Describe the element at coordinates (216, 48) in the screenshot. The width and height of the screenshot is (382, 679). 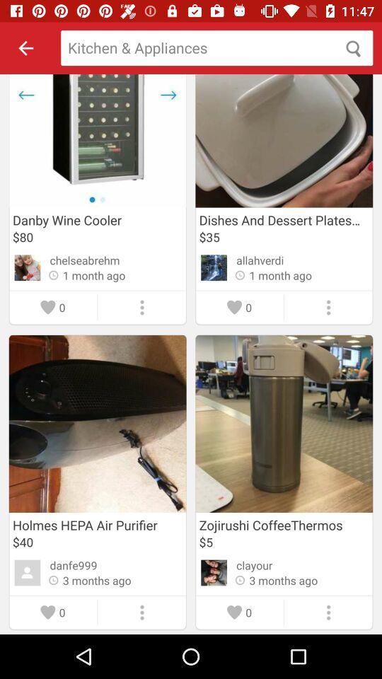
I see `search box` at that location.